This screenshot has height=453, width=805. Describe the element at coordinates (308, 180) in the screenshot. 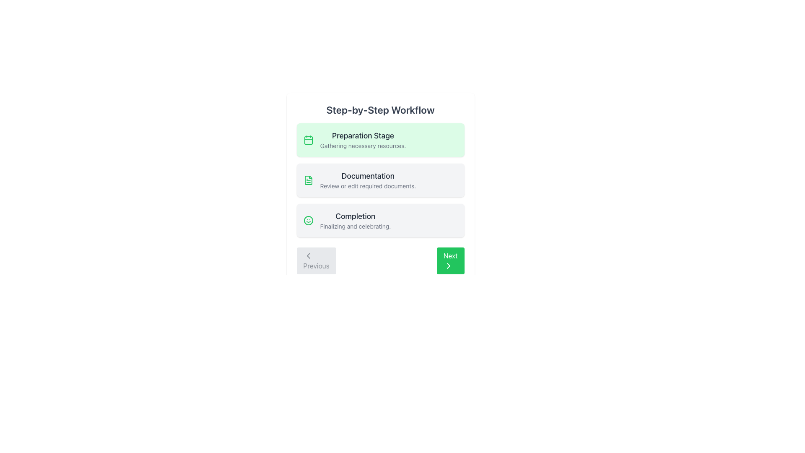

I see `the green document icon located to the left of the 'Documentation' text` at that location.